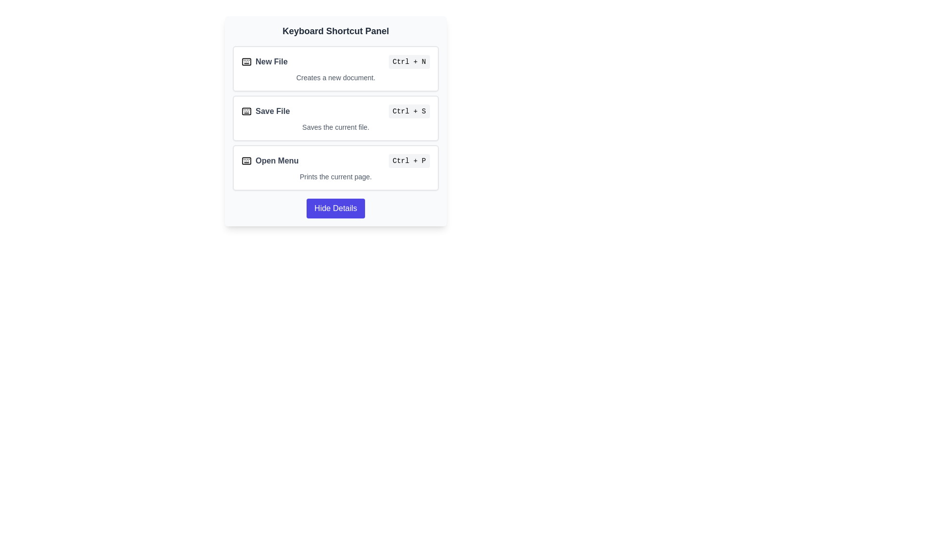  Describe the element at coordinates (335, 77) in the screenshot. I see `the text description element located directly below the 'New File' title and 'Ctrl + N' shortcut label within its card` at that location.